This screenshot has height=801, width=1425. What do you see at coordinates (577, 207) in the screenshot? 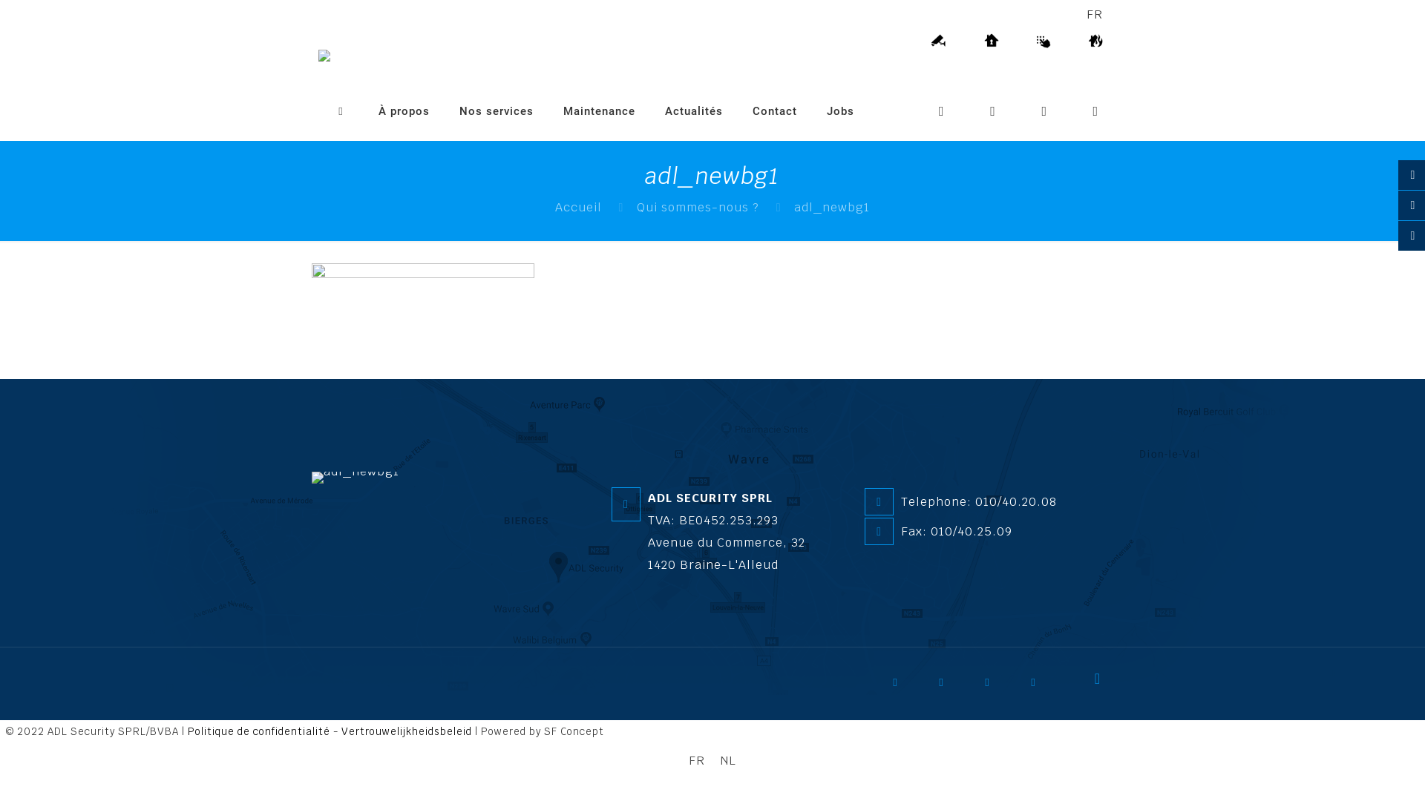
I see `'Accueil'` at bounding box center [577, 207].